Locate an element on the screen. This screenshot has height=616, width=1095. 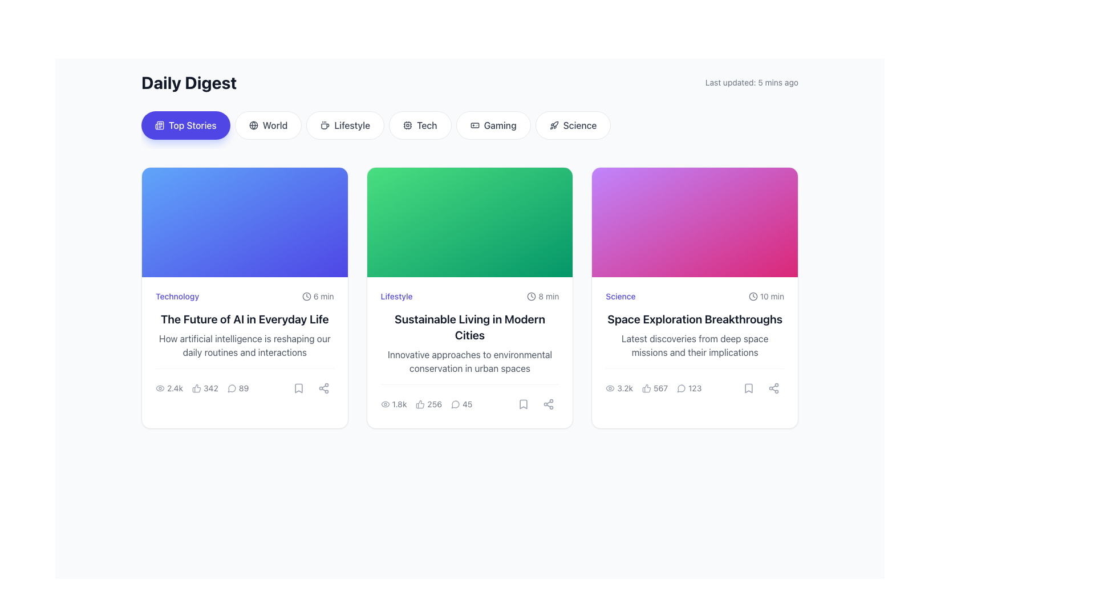
the decorative background element of the 'Science' card, which is a rectangular gradient transitioning from purple to pink, located at the top of the card is located at coordinates (694, 222).